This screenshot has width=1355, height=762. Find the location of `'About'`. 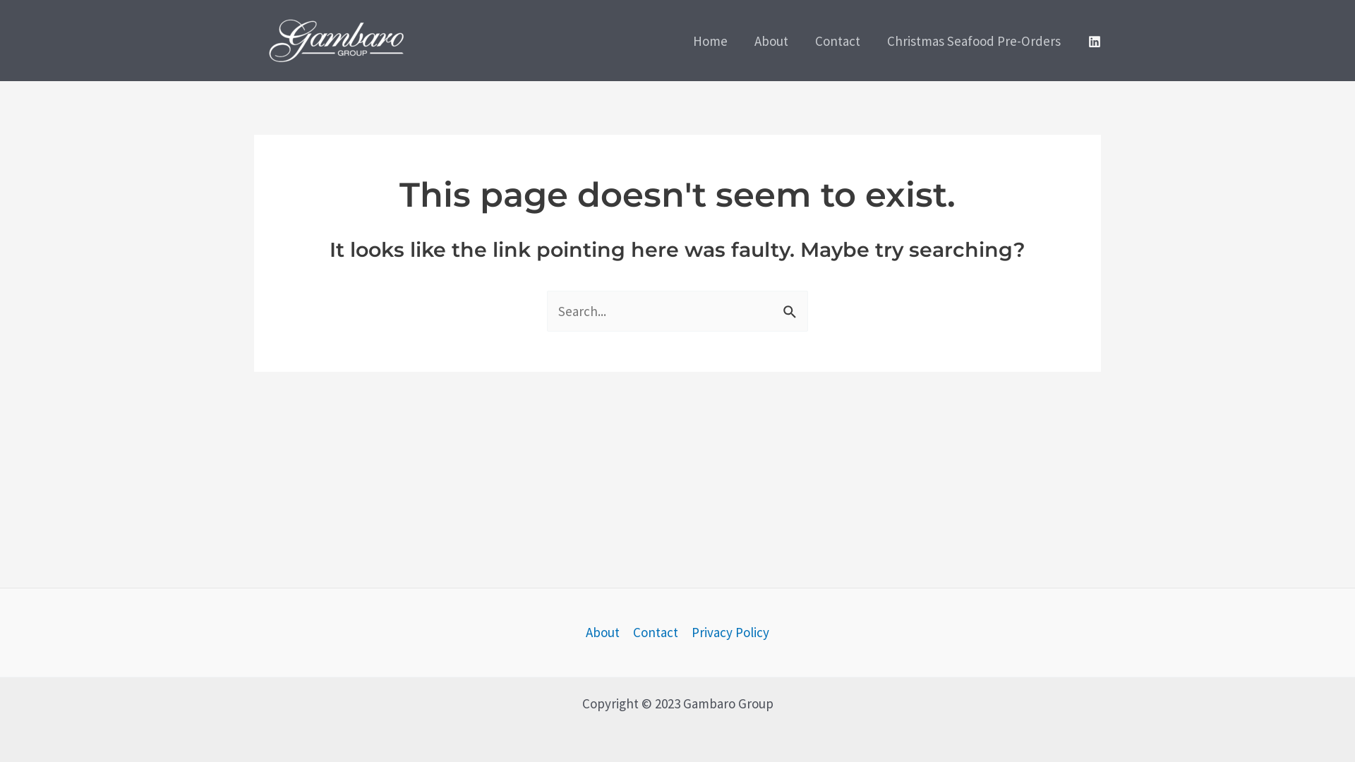

'About' is located at coordinates (771, 40).